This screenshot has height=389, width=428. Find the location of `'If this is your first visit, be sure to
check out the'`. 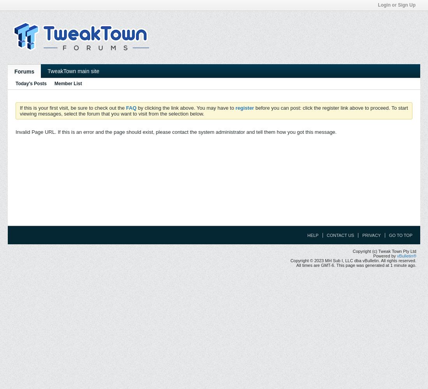

'If this is your first visit, be sure to
check out the' is located at coordinates (72, 108).